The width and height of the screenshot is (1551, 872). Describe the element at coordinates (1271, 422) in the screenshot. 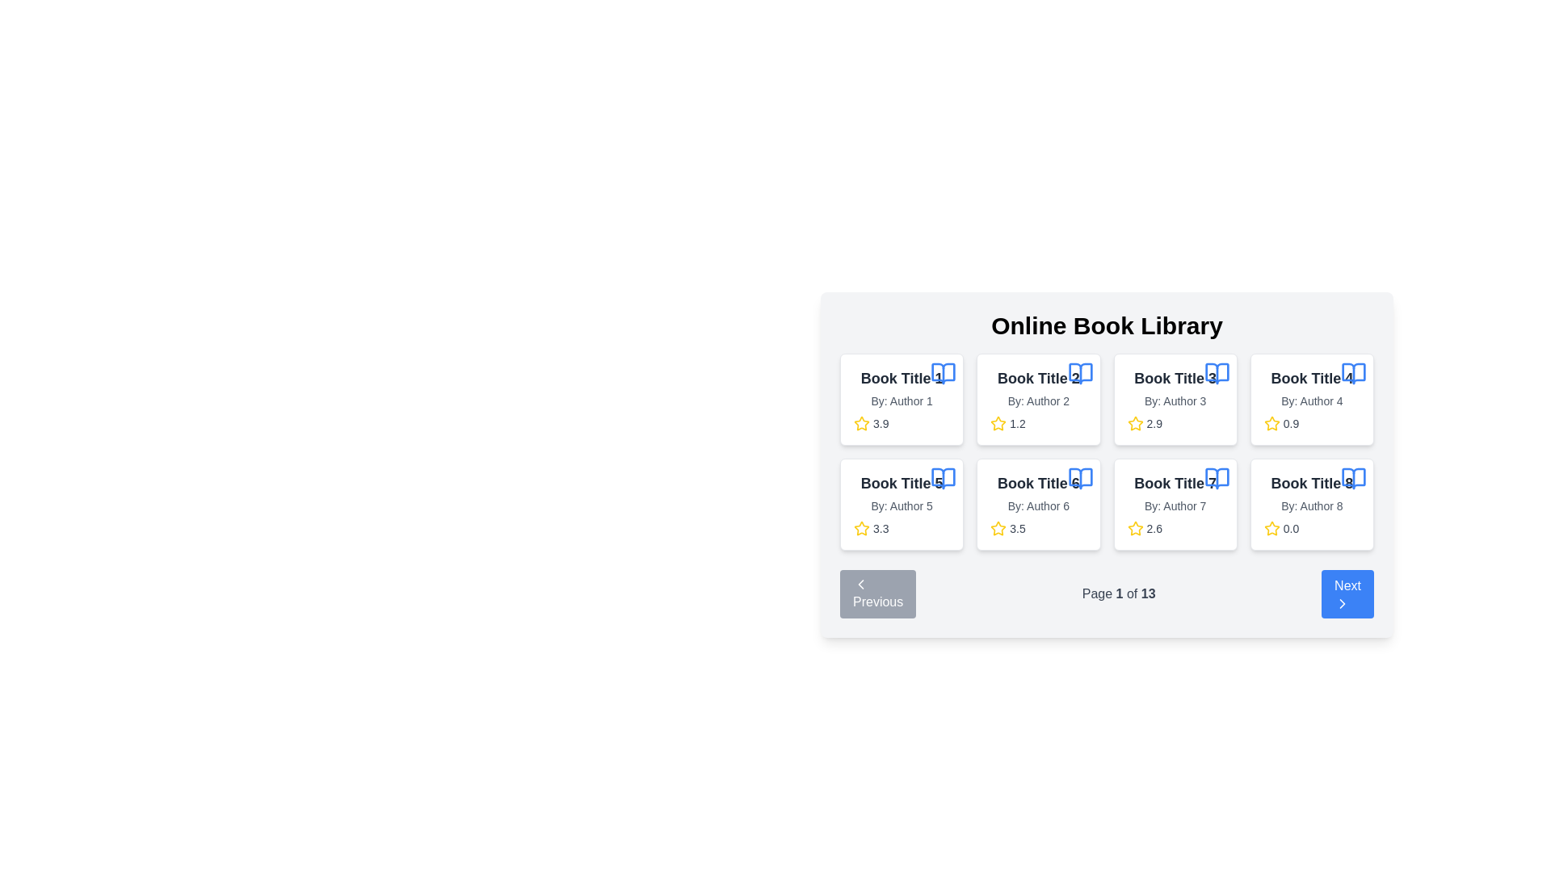

I see `the star icon indicating the rating for 'Book Title 4', located in the middle-right position of the second row in the grid layout` at that location.